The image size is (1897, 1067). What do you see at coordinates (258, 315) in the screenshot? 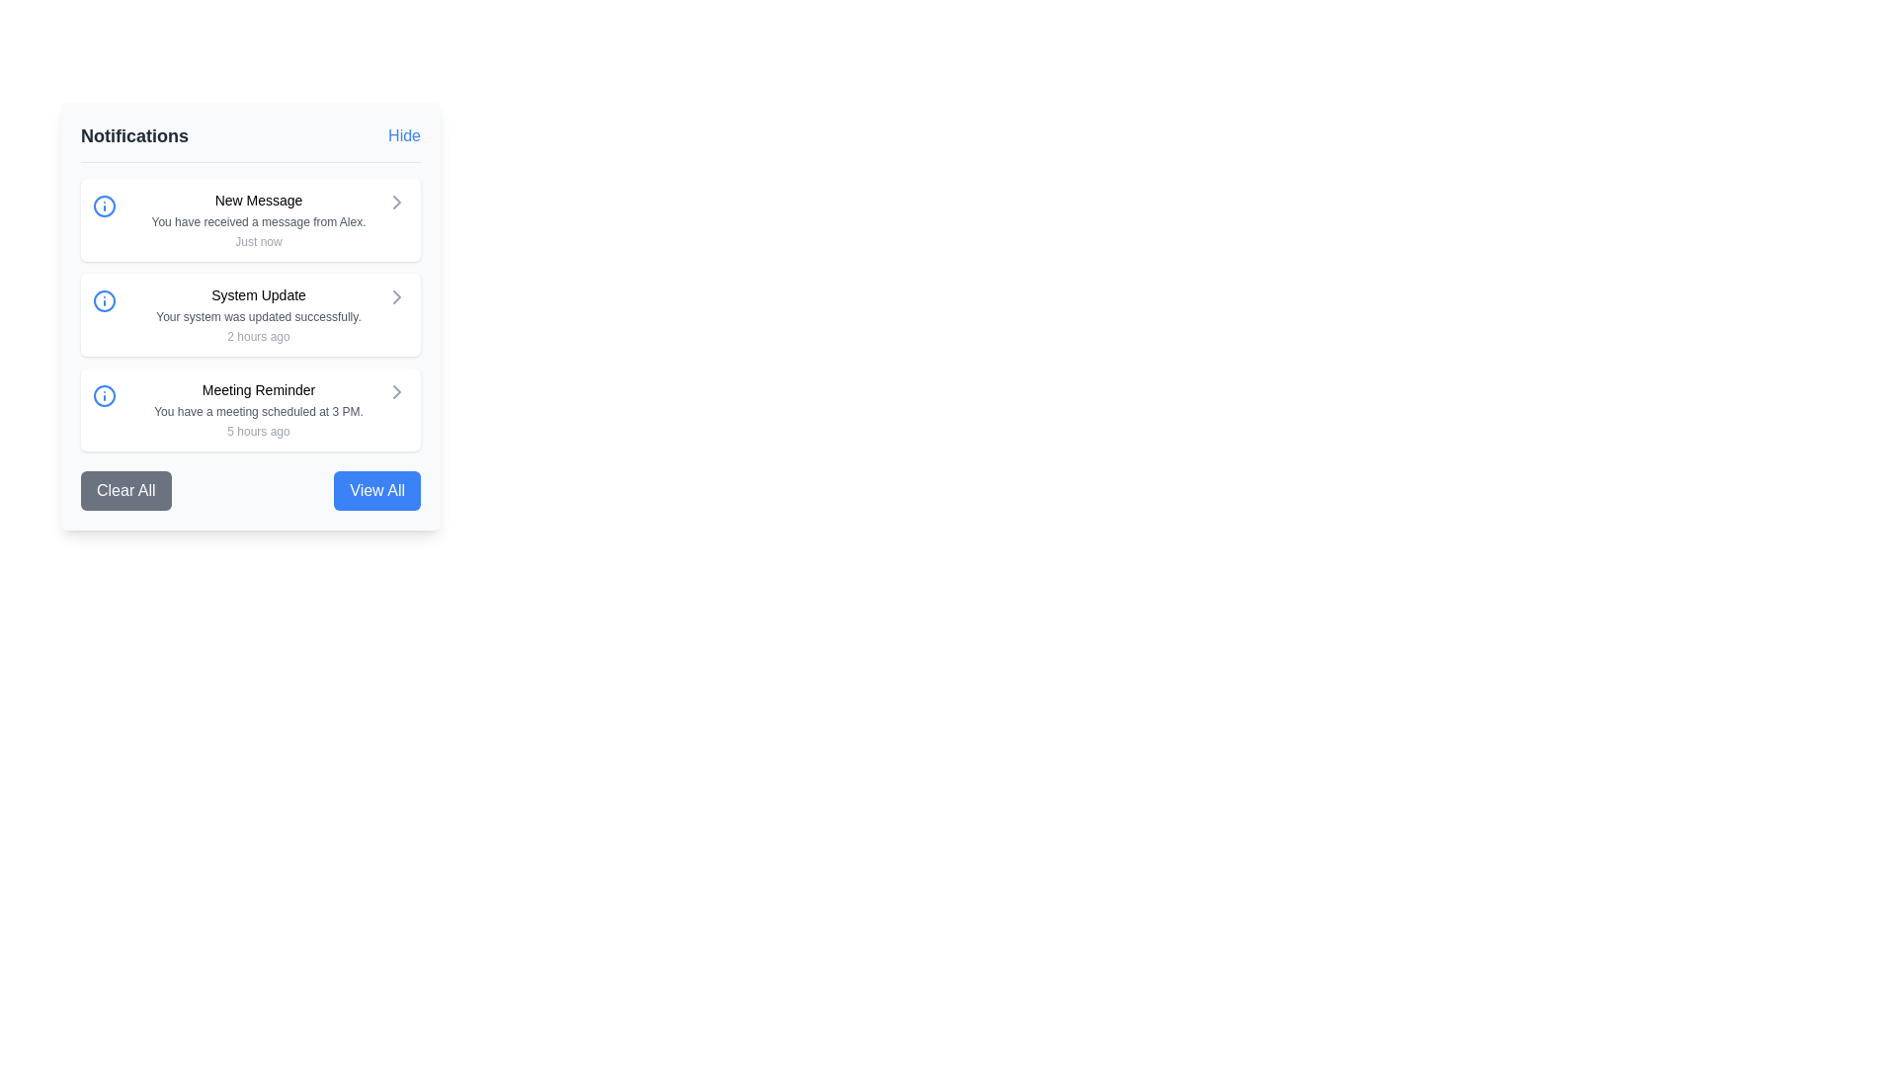
I see `the textual notification message reading 'Your system was updated successfully.' which is located below the title 'System Update' and above the timestamp '2 hours ago'` at bounding box center [258, 315].